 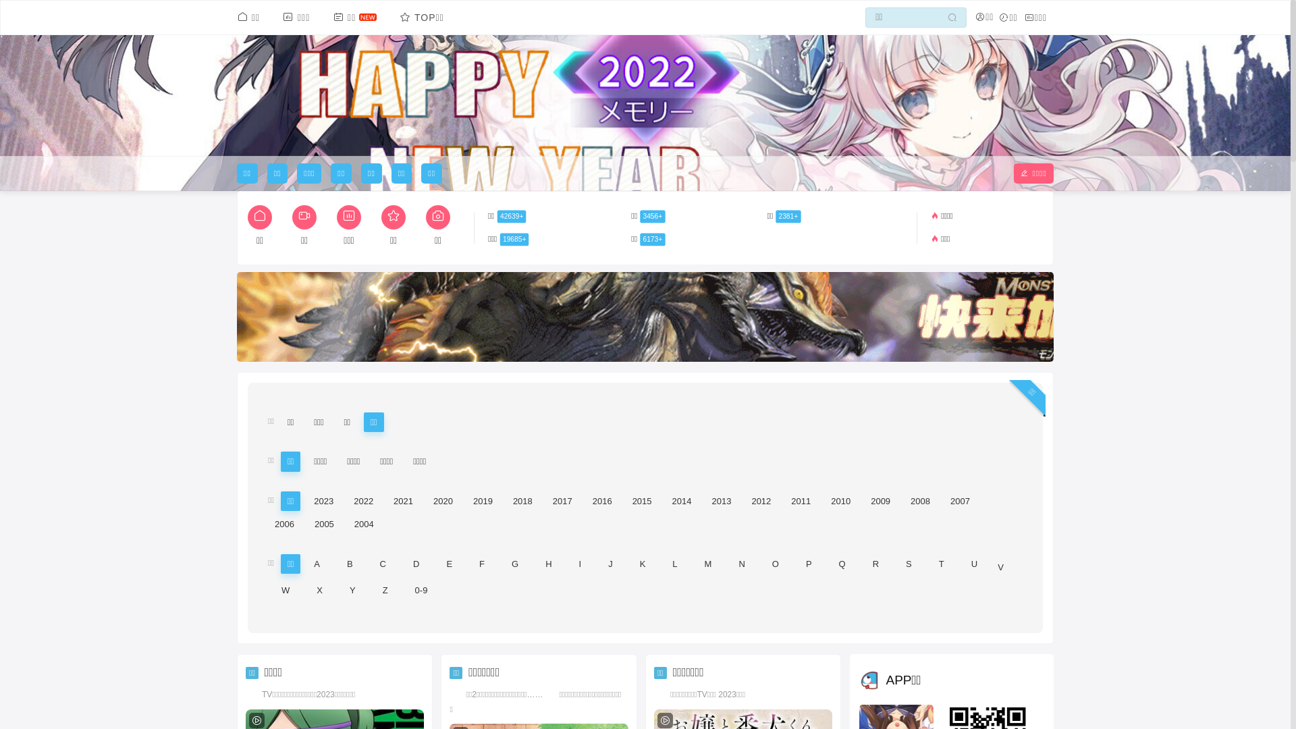 I want to click on '2008', so click(x=919, y=501).